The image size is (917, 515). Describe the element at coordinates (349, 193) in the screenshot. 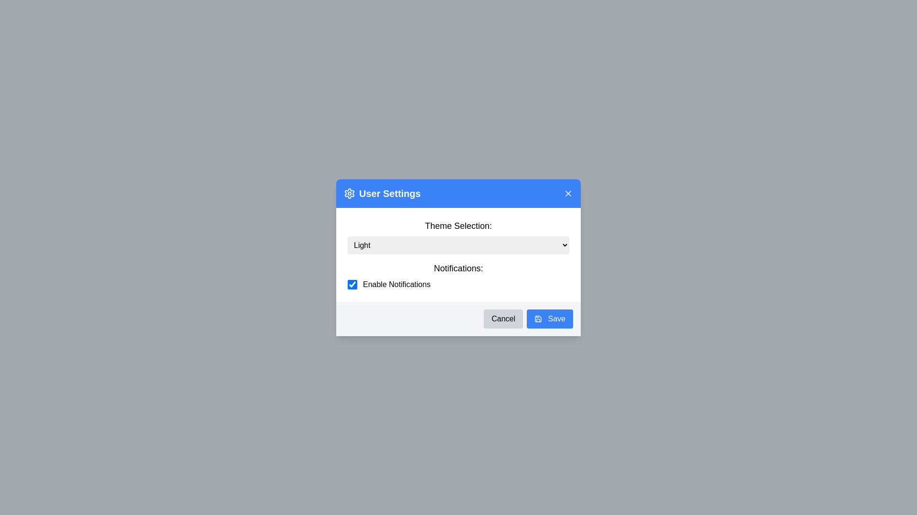

I see `the settings icon located in the dialog box header, to the left of the 'User Settings' label` at that location.